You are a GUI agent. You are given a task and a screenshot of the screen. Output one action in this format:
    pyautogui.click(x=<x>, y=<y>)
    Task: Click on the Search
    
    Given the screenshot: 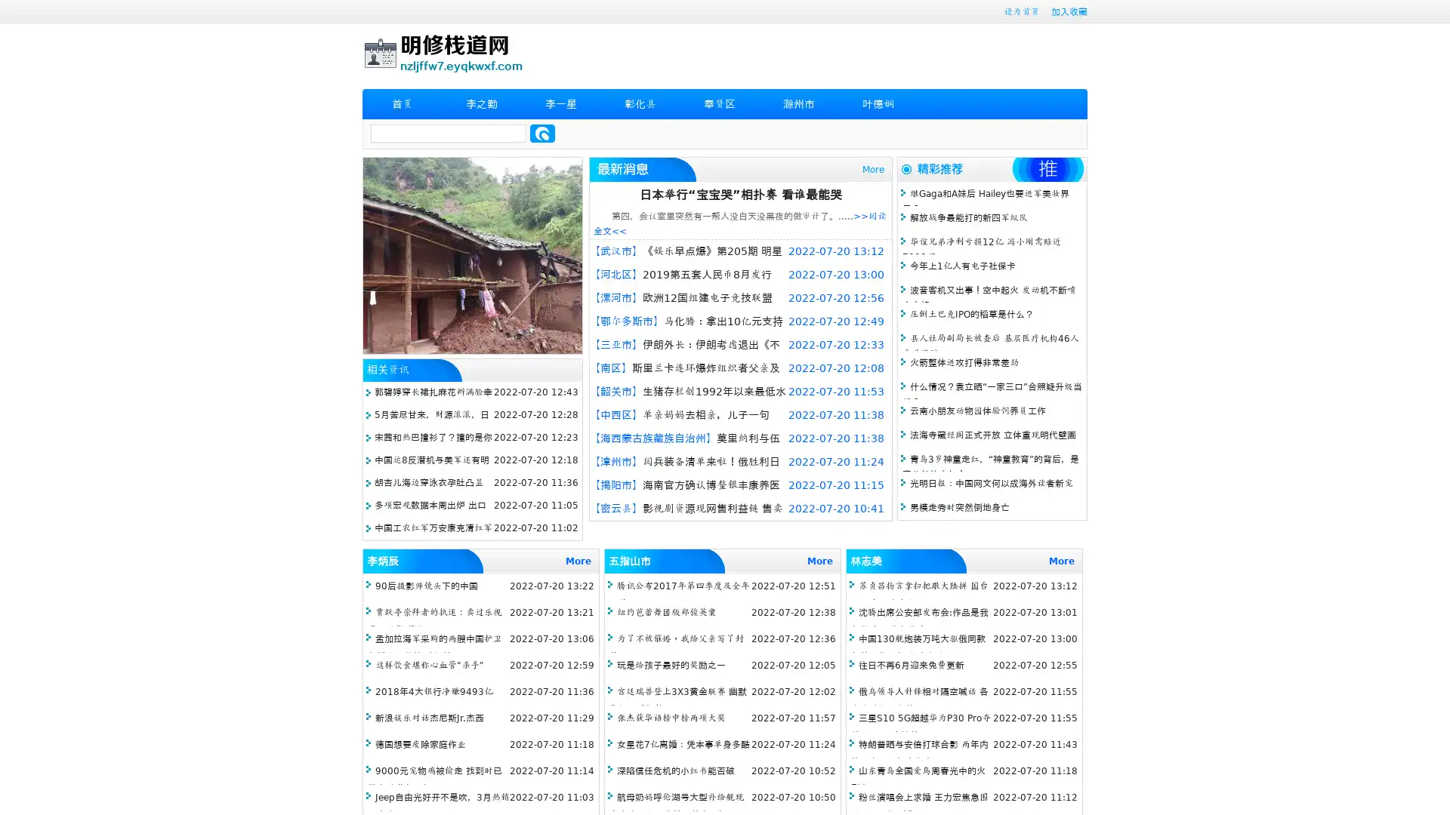 What is the action you would take?
    pyautogui.click(x=542, y=133)
    